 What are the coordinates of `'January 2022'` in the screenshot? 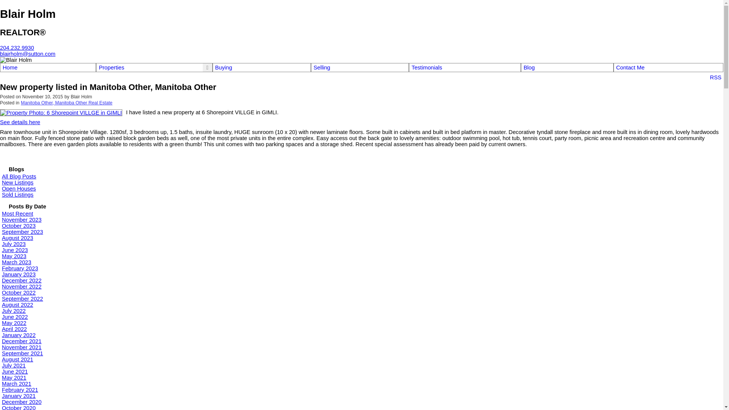 It's located at (19, 335).